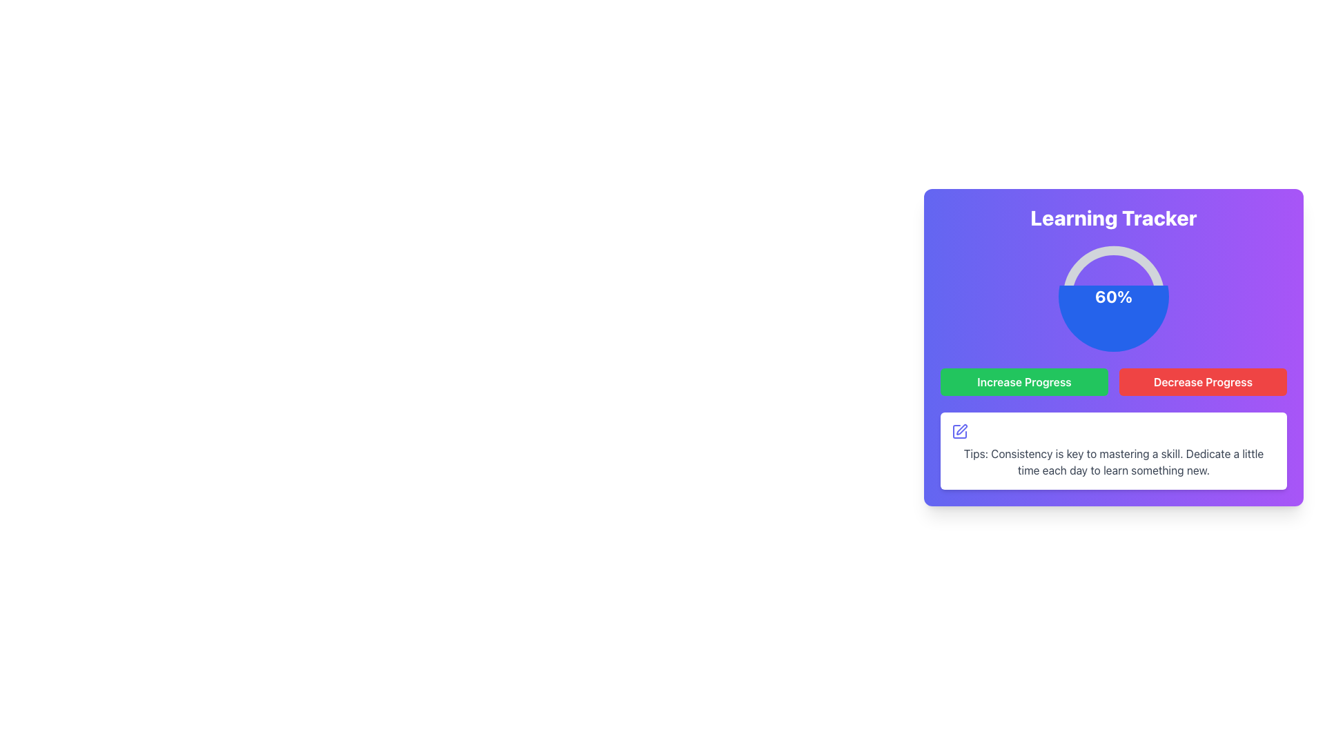 This screenshot has height=745, width=1325. What do you see at coordinates (1202, 382) in the screenshot?
I see `the red button labeled 'Decrease Progress' with bold white text to decrease progress` at bounding box center [1202, 382].